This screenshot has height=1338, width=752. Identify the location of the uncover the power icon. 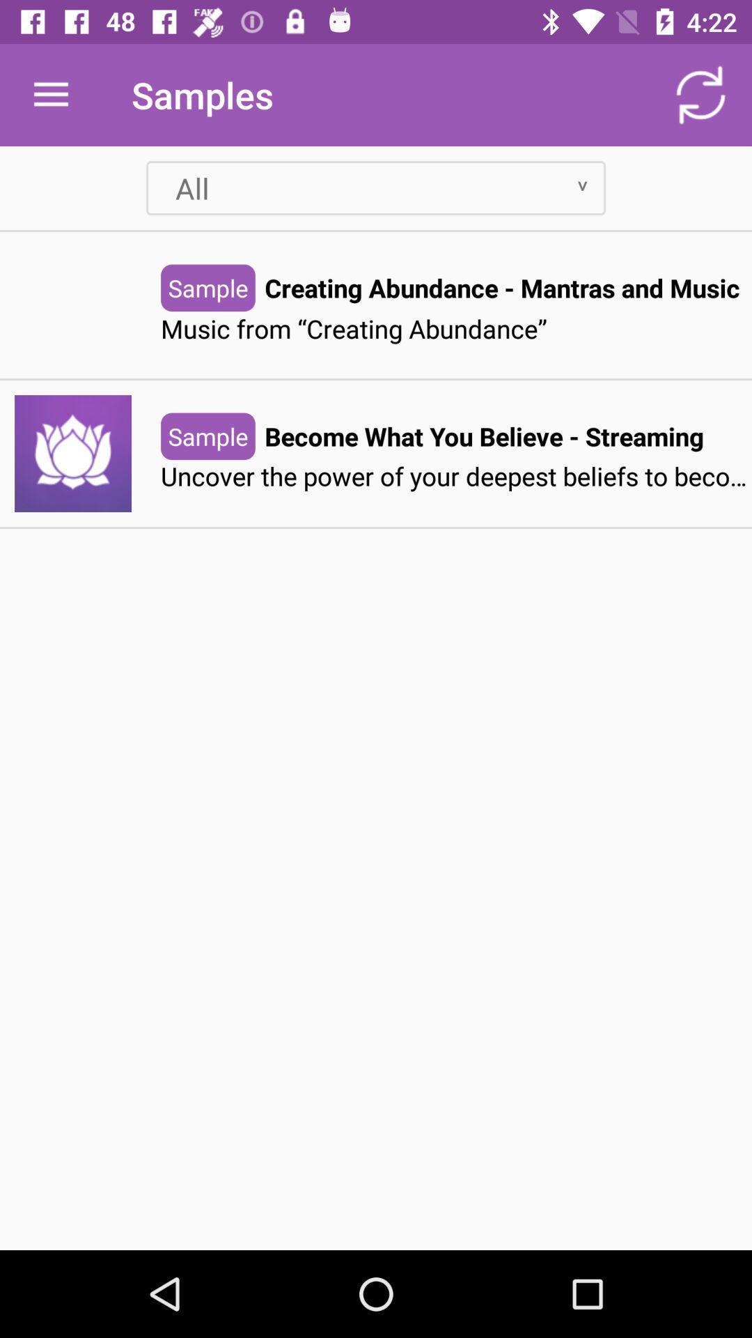
(456, 477).